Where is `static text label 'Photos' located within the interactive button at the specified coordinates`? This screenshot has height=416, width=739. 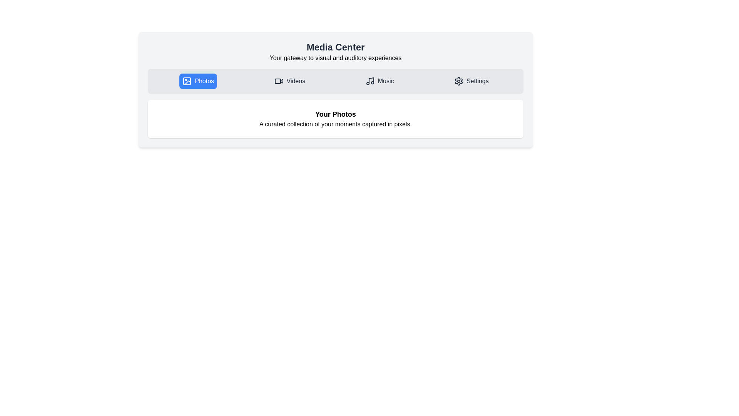
static text label 'Photos' located within the interactive button at the specified coordinates is located at coordinates (204, 81).